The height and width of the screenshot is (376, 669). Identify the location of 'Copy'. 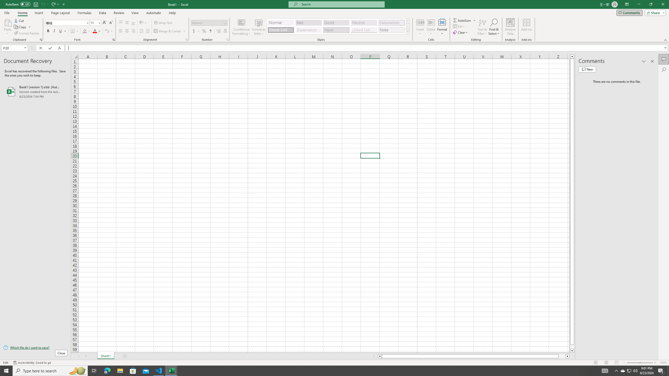
(22, 27).